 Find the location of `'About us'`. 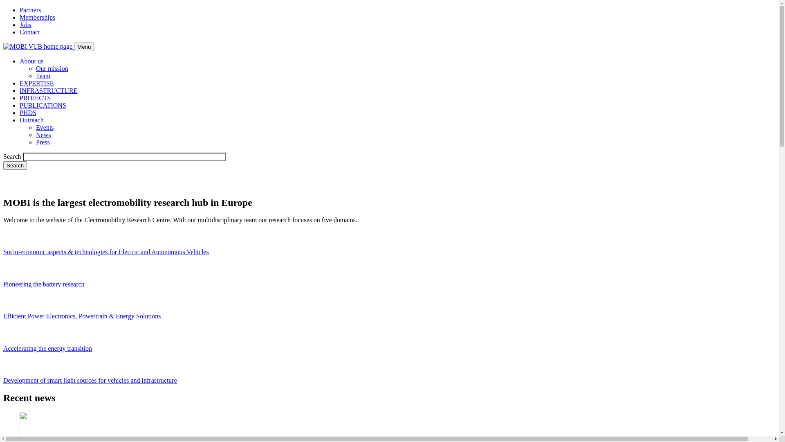

'About us' is located at coordinates (31, 61).